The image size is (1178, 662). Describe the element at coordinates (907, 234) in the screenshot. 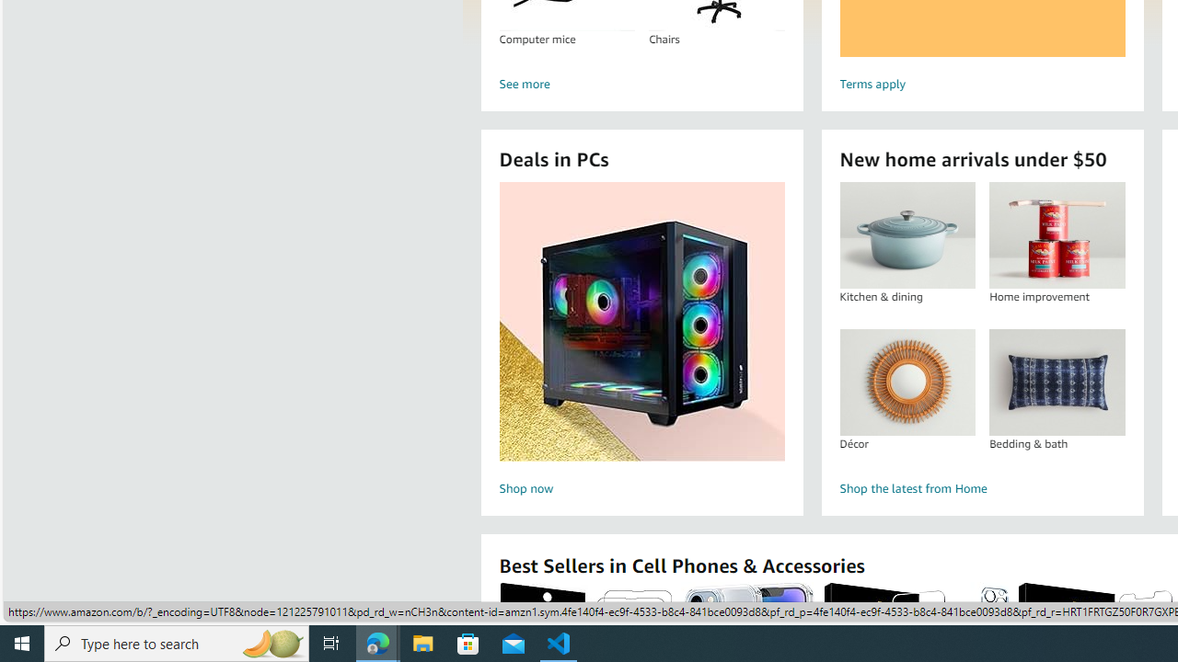

I see `'Kitchen & dining'` at that location.